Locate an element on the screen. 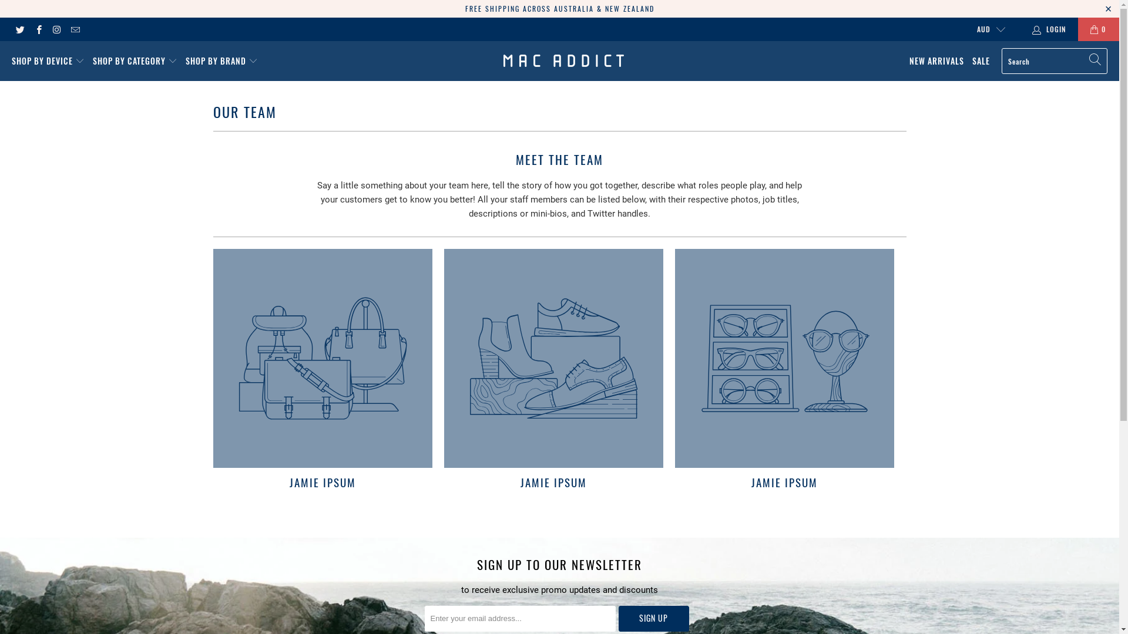 This screenshot has height=634, width=1128. 'SALE' is located at coordinates (981, 61).